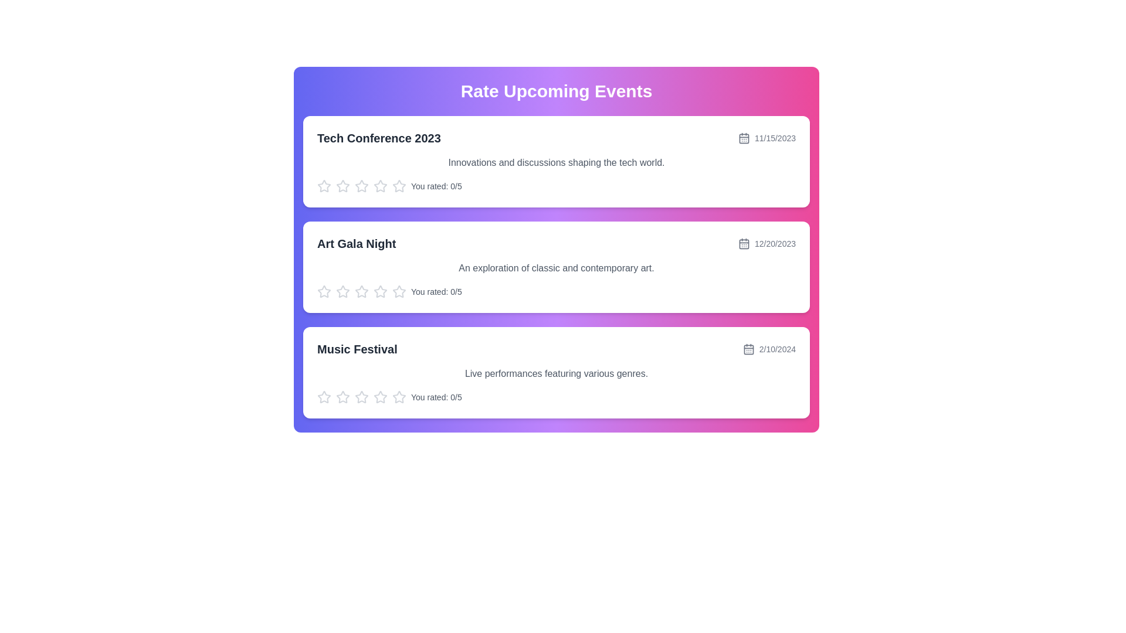 The height and width of the screenshot is (633, 1126). I want to click on the fourth star icon in the rating system located below the 'Tech Conference 2023' title, so click(399, 185).